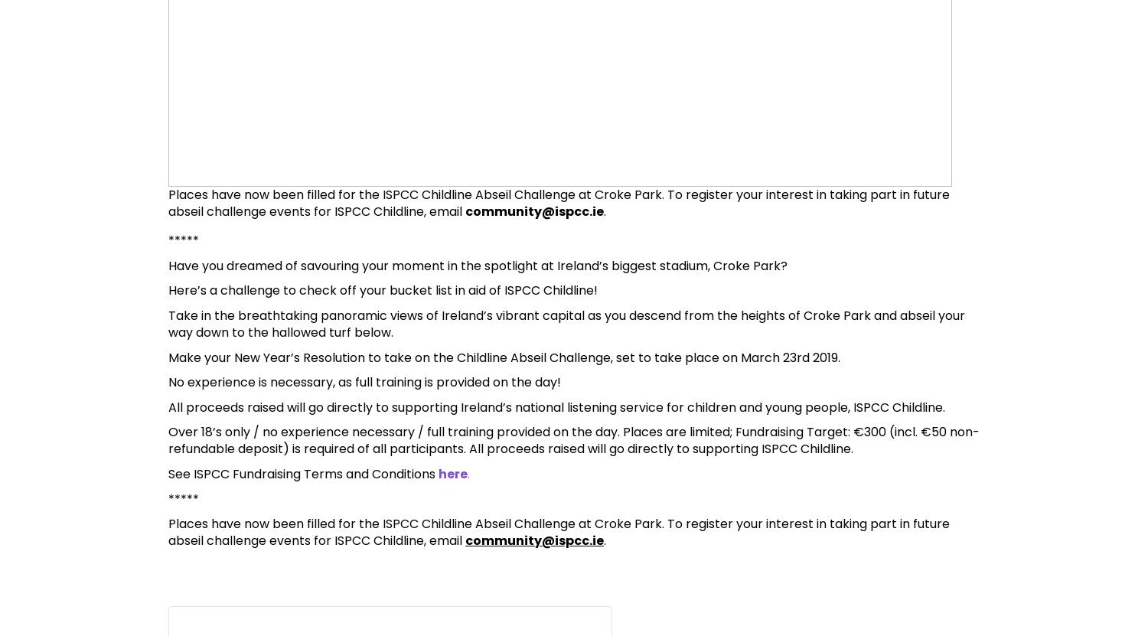 The width and height of the screenshot is (1148, 636). What do you see at coordinates (303, 473) in the screenshot?
I see `'See ISPCC Fundraising Terms and Conditions'` at bounding box center [303, 473].